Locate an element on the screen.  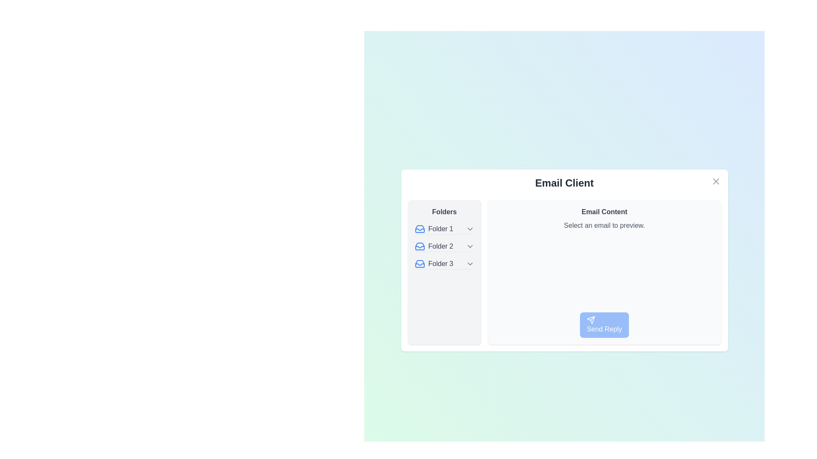
the text label displaying 'Folders' in bold font, located near the top of the left panel of the email client interface is located at coordinates (444, 211).